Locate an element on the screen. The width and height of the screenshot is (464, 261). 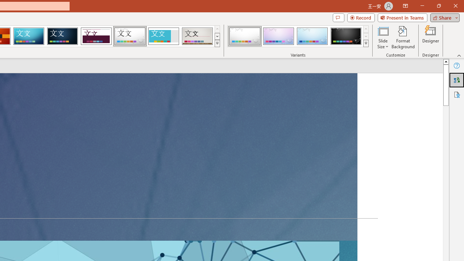
'AutomationID: ThemeVariantsGallery' is located at coordinates (298, 36).